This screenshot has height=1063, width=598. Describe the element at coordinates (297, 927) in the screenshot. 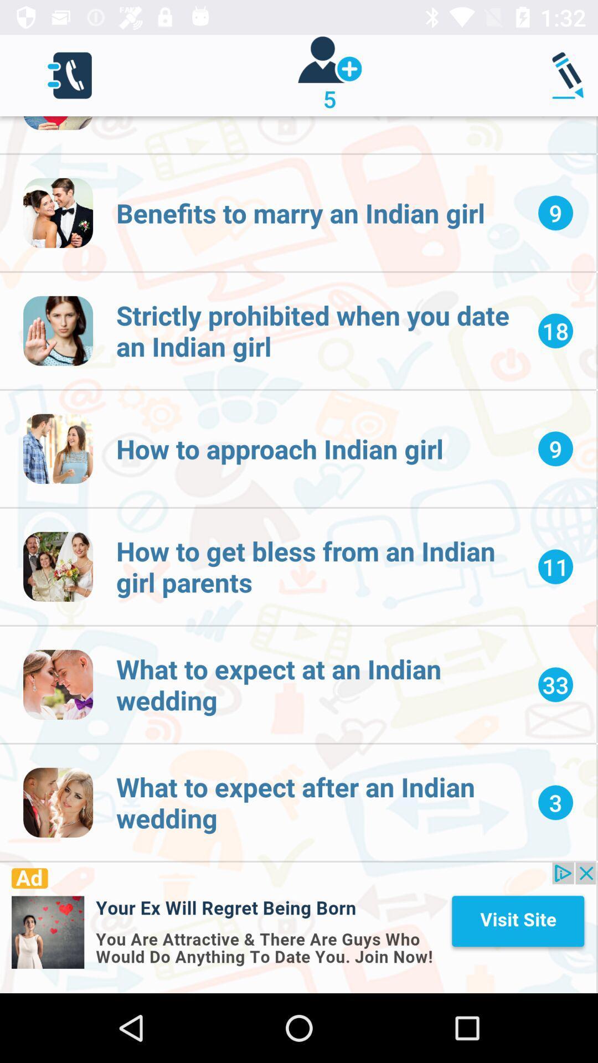

I see `advertisement click` at that location.